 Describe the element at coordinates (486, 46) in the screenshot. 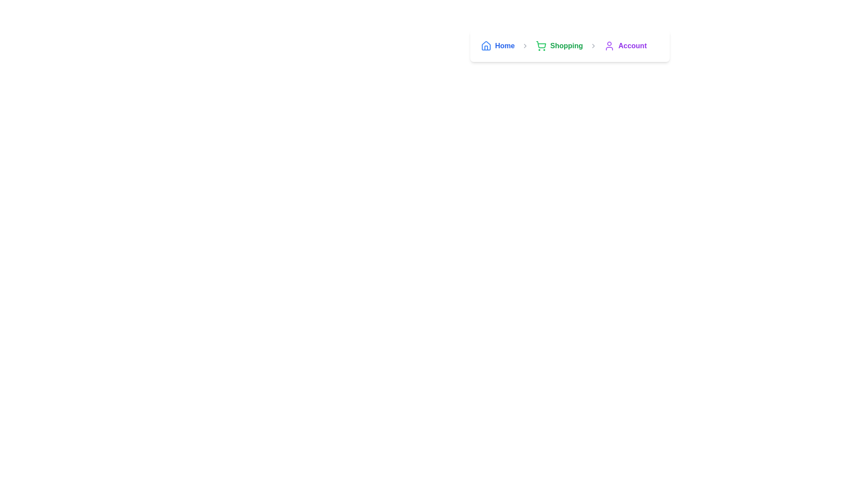

I see `the blue house icon located at the top-left of the user interface within the breadcrumb navigation` at that location.